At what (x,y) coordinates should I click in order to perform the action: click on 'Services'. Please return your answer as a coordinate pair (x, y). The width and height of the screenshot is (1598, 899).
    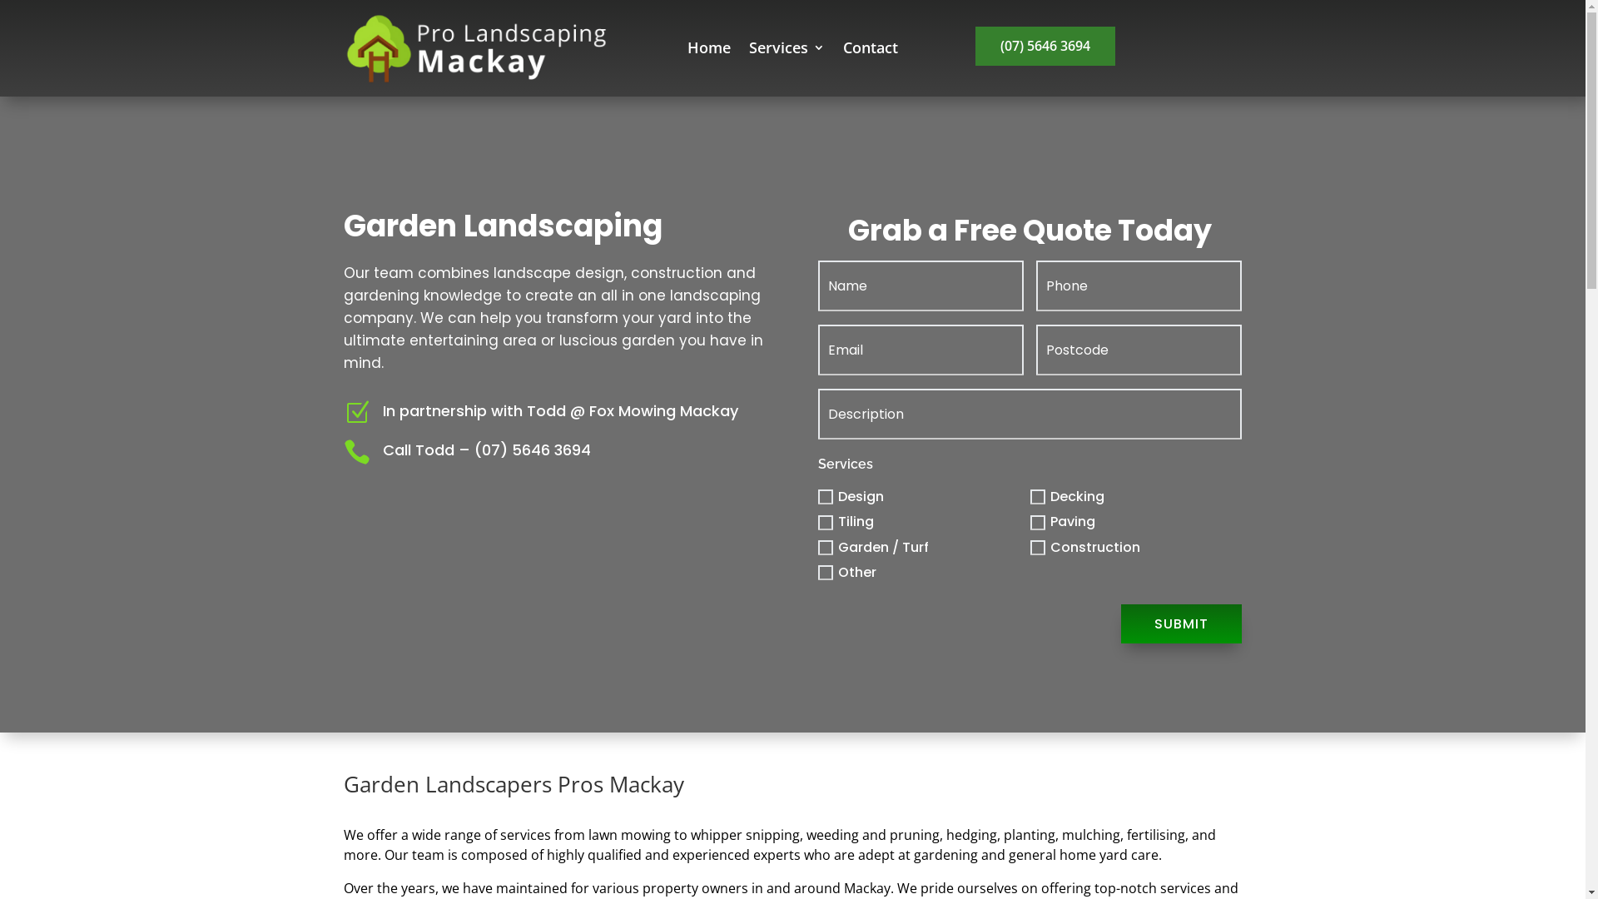
    Looking at the image, I should click on (786, 50).